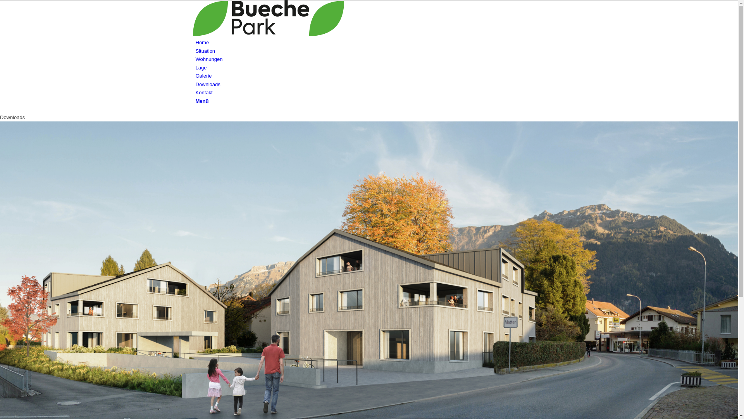 The image size is (744, 419). Describe the element at coordinates (203, 76) in the screenshot. I see `'Galerie'` at that location.